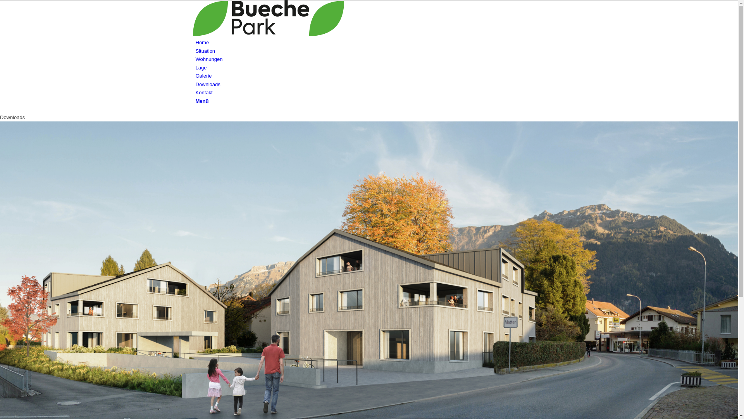 The image size is (744, 419). Describe the element at coordinates (203, 76) in the screenshot. I see `'Galerie'` at that location.